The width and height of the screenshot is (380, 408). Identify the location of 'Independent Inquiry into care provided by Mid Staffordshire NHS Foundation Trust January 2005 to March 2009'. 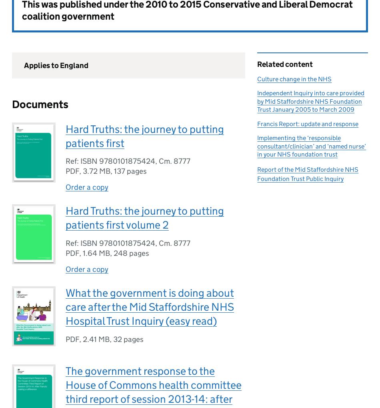
(310, 101).